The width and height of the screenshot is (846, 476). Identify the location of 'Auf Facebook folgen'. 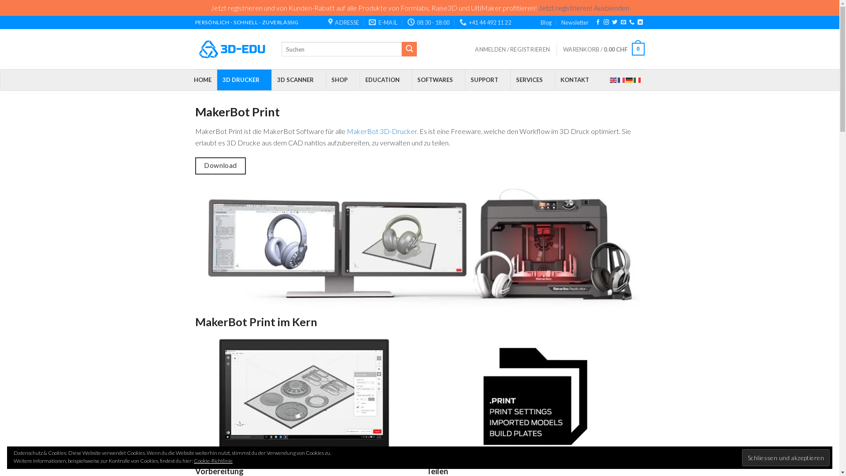
(598, 22).